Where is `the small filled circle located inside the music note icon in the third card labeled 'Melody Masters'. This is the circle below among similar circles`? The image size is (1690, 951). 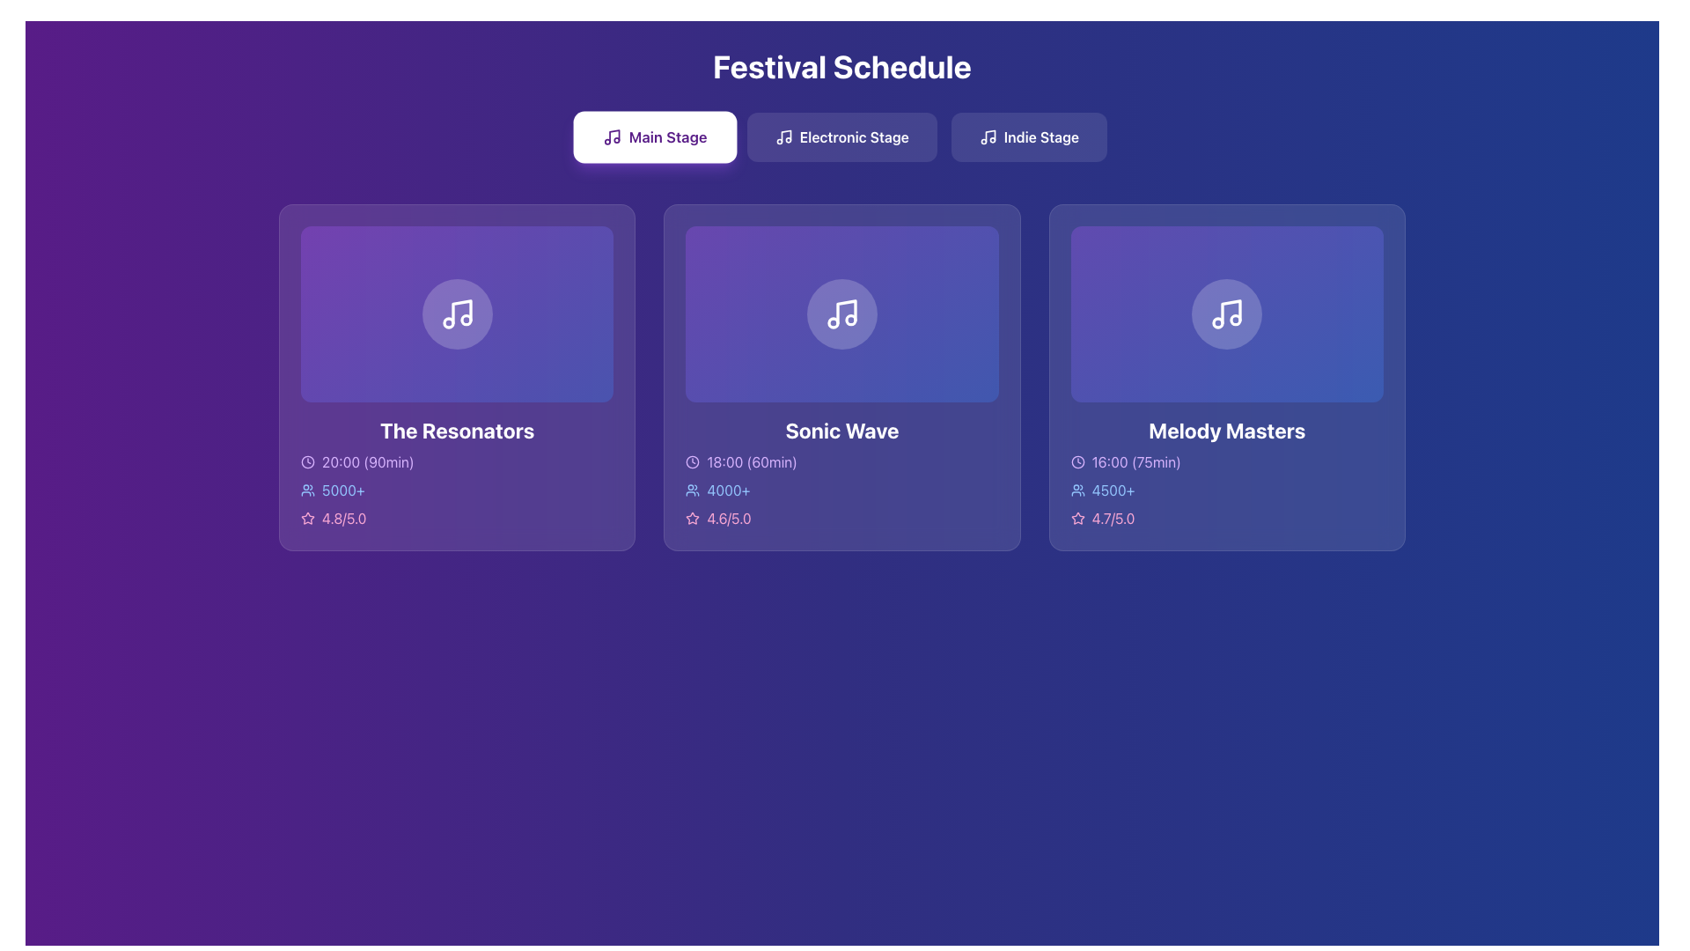
the small filled circle located inside the music note icon in the third card labeled 'Melody Masters'. This is the circle below among similar circles is located at coordinates (1217, 322).